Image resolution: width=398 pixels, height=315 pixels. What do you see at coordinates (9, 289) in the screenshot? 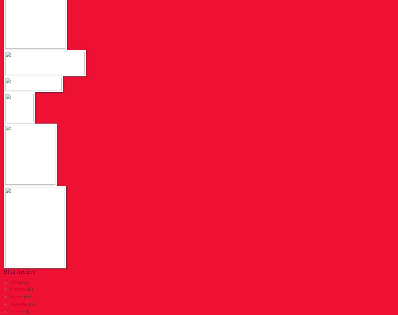
I see `'November'` at bounding box center [9, 289].